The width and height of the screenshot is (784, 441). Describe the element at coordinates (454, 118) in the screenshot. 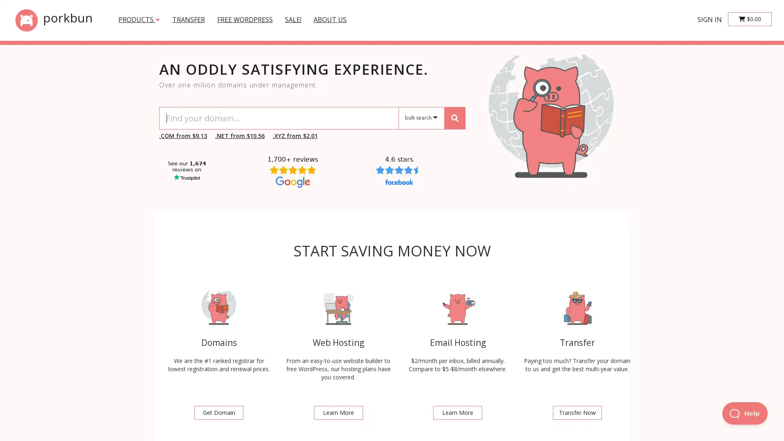

I see `submit search` at that location.